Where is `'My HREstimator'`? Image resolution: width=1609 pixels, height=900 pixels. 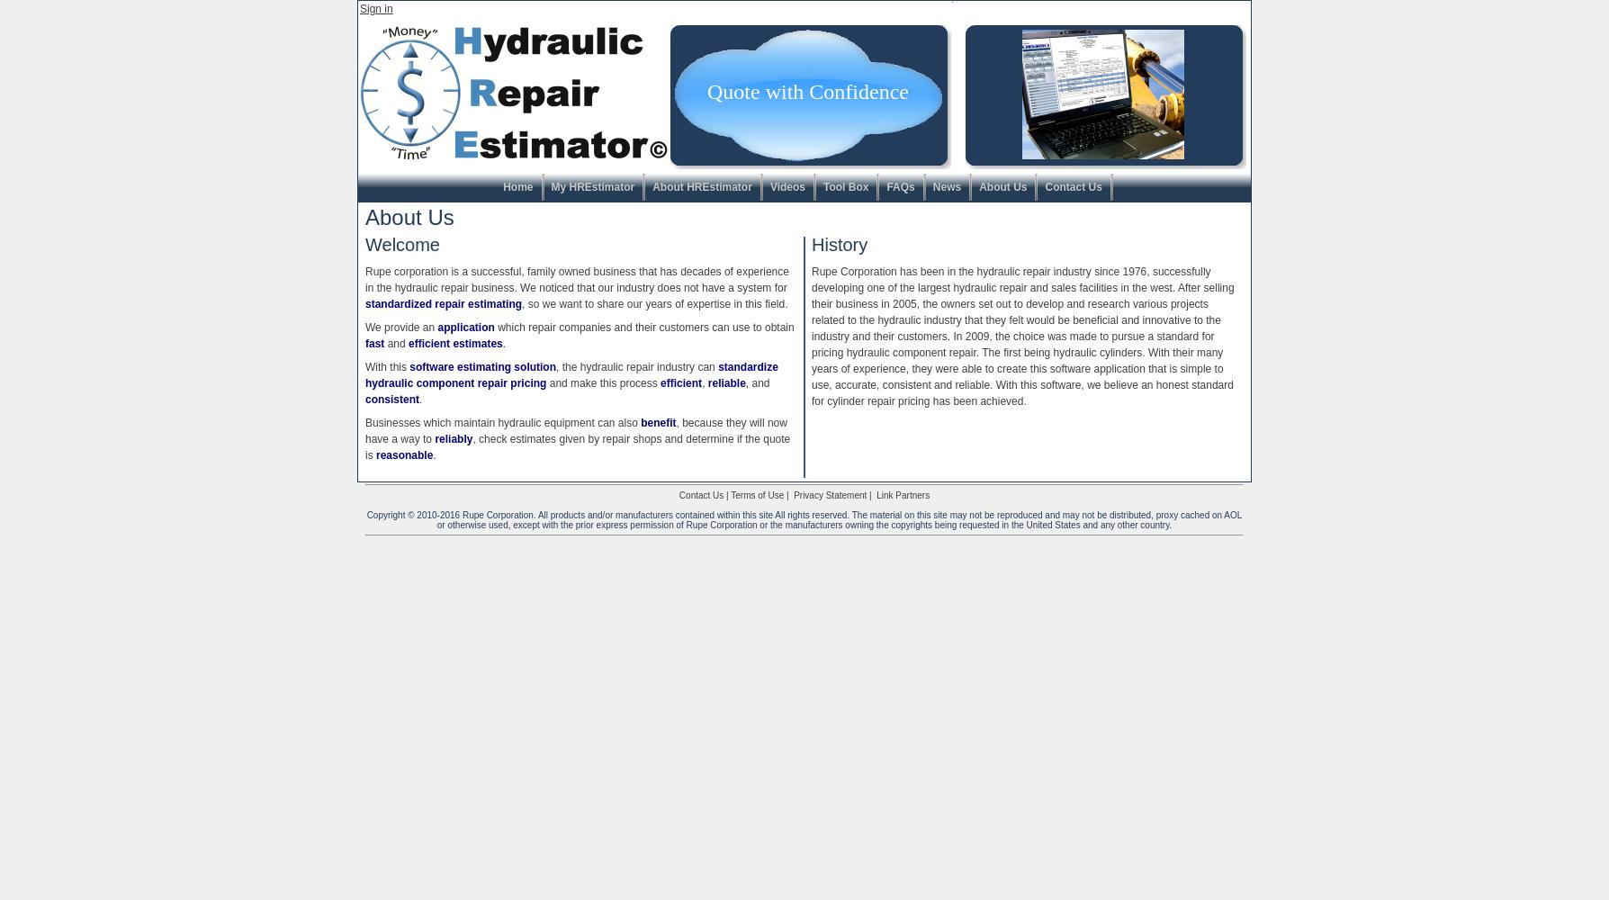 'My HREstimator' is located at coordinates (551, 186).